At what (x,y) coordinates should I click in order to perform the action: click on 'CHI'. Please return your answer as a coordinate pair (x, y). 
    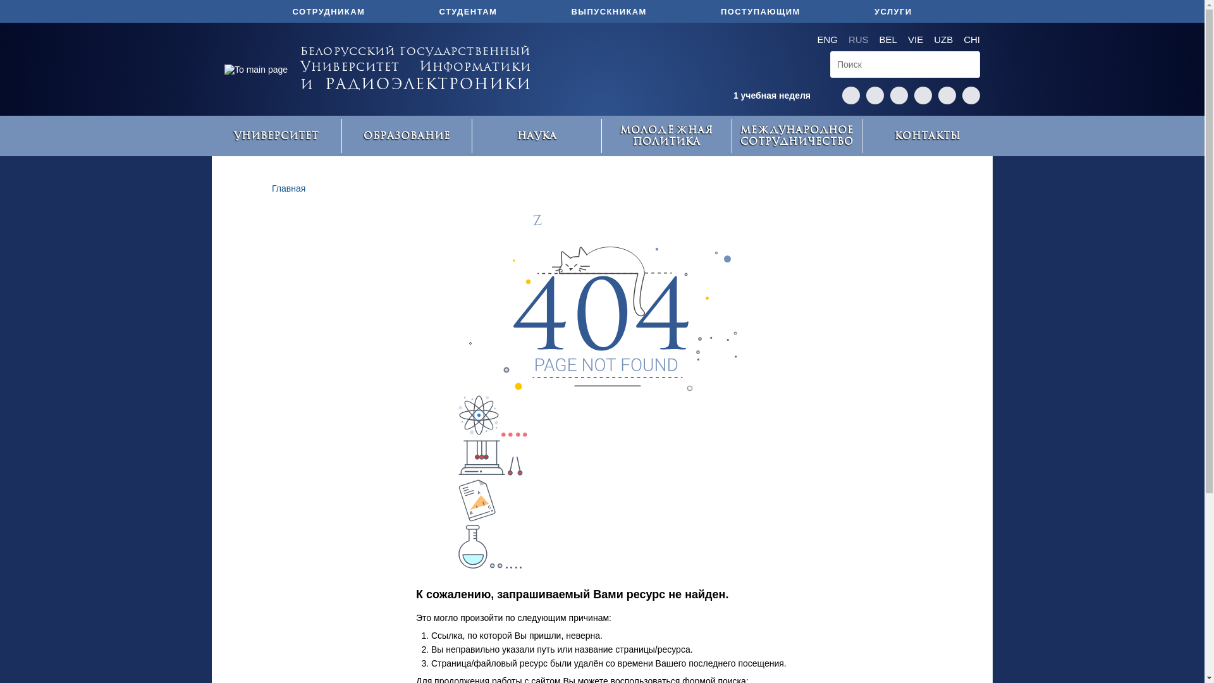
    Looking at the image, I should click on (962, 39).